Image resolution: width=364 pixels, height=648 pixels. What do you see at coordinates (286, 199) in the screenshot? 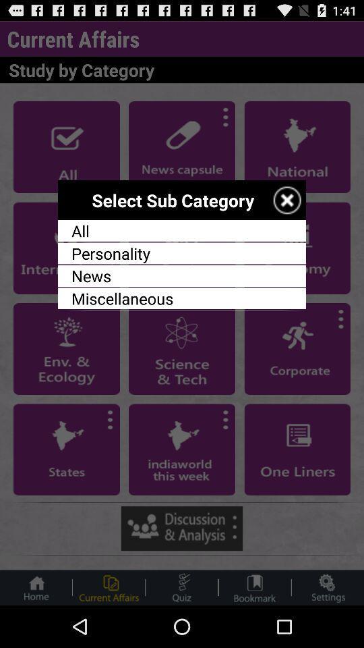
I see `sub category` at bounding box center [286, 199].